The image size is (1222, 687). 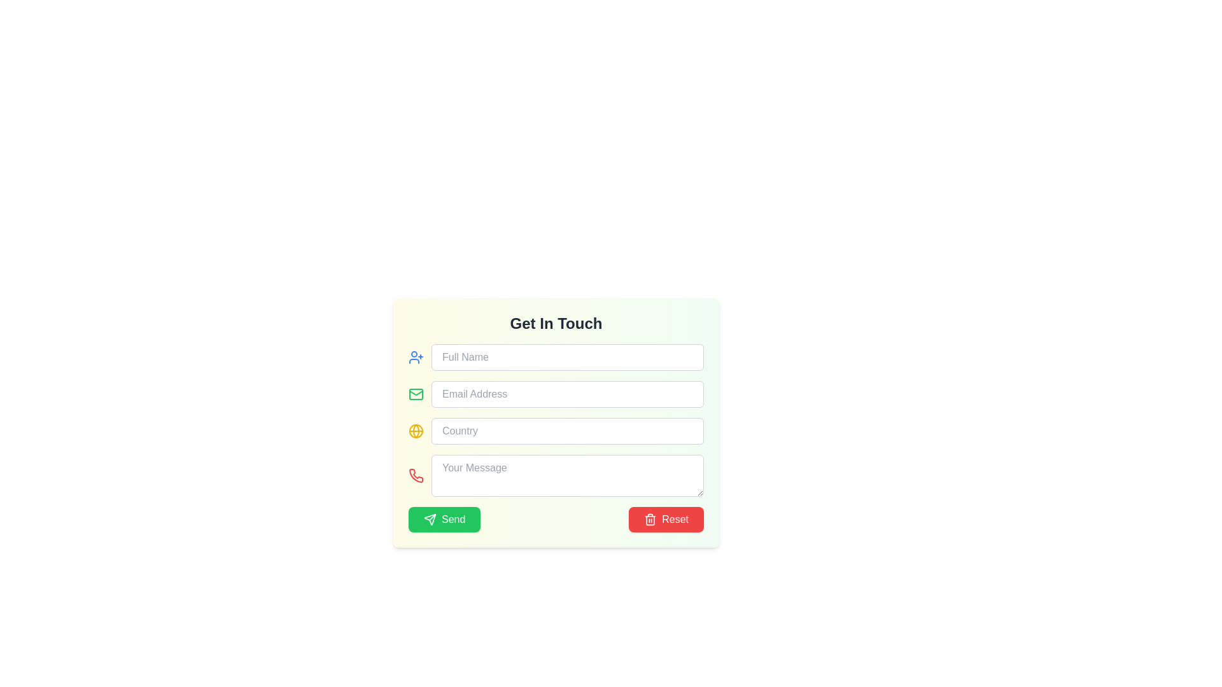 What do you see at coordinates (444, 520) in the screenshot?
I see `the green 'Send' button with white text and icon` at bounding box center [444, 520].